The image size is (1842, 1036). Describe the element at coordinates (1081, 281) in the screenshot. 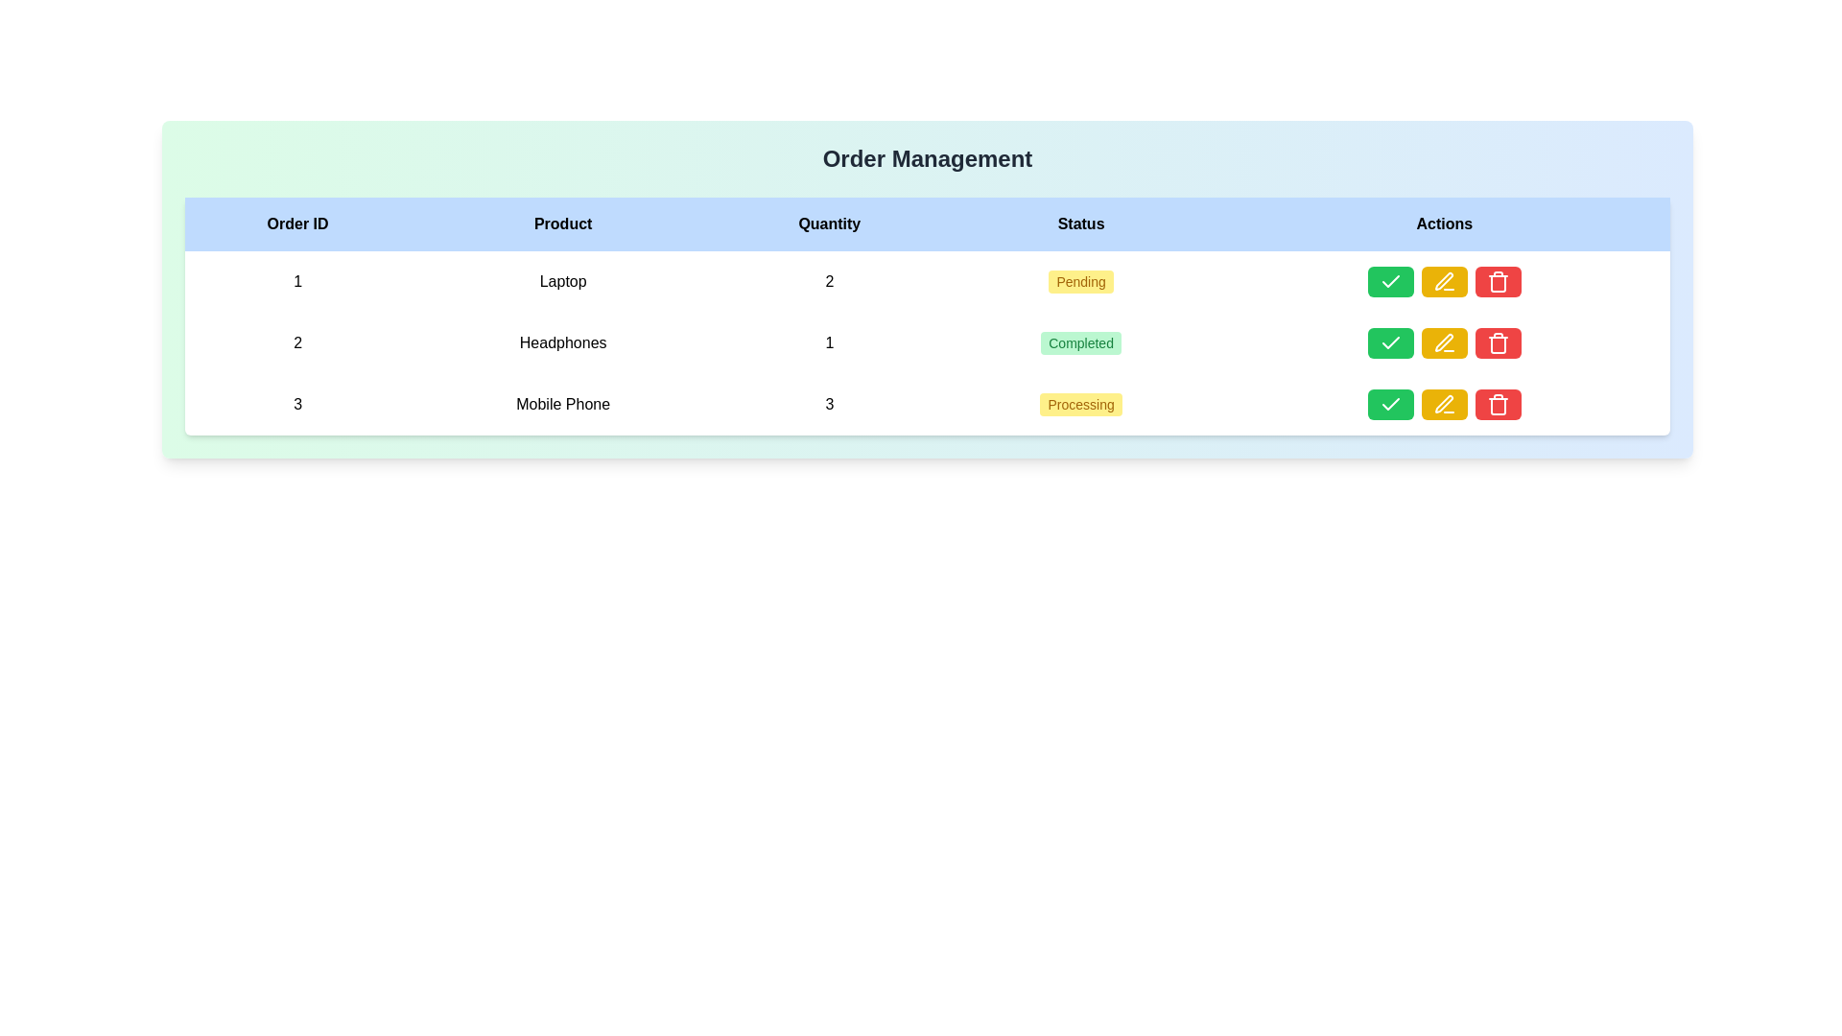

I see `the 'Pending' badge with a yellow background located in the 'Status' column of the first row in the 'Order Management' section` at that location.